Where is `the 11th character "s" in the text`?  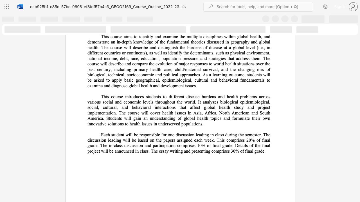
the 11th character "s" in the text is located at coordinates (119, 47).